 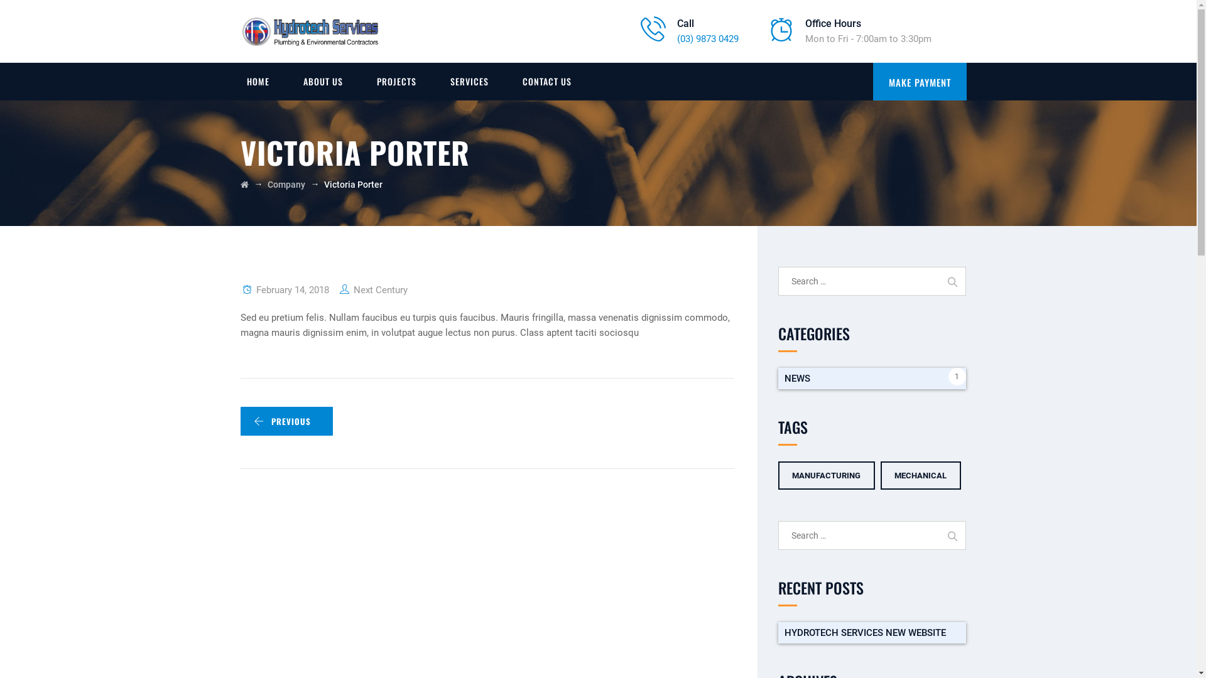 I want to click on 'PROJECTS', so click(x=395, y=82).